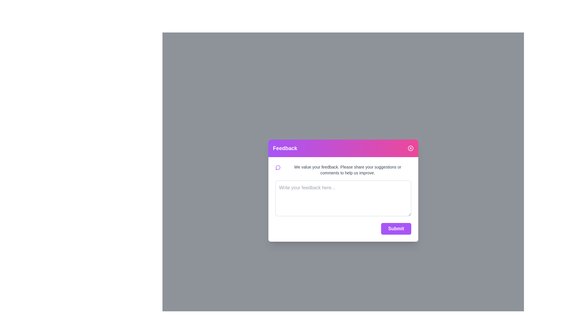  What do you see at coordinates (410, 148) in the screenshot?
I see `the close button to close the FeedbackDialog` at bounding box center [410, 148].